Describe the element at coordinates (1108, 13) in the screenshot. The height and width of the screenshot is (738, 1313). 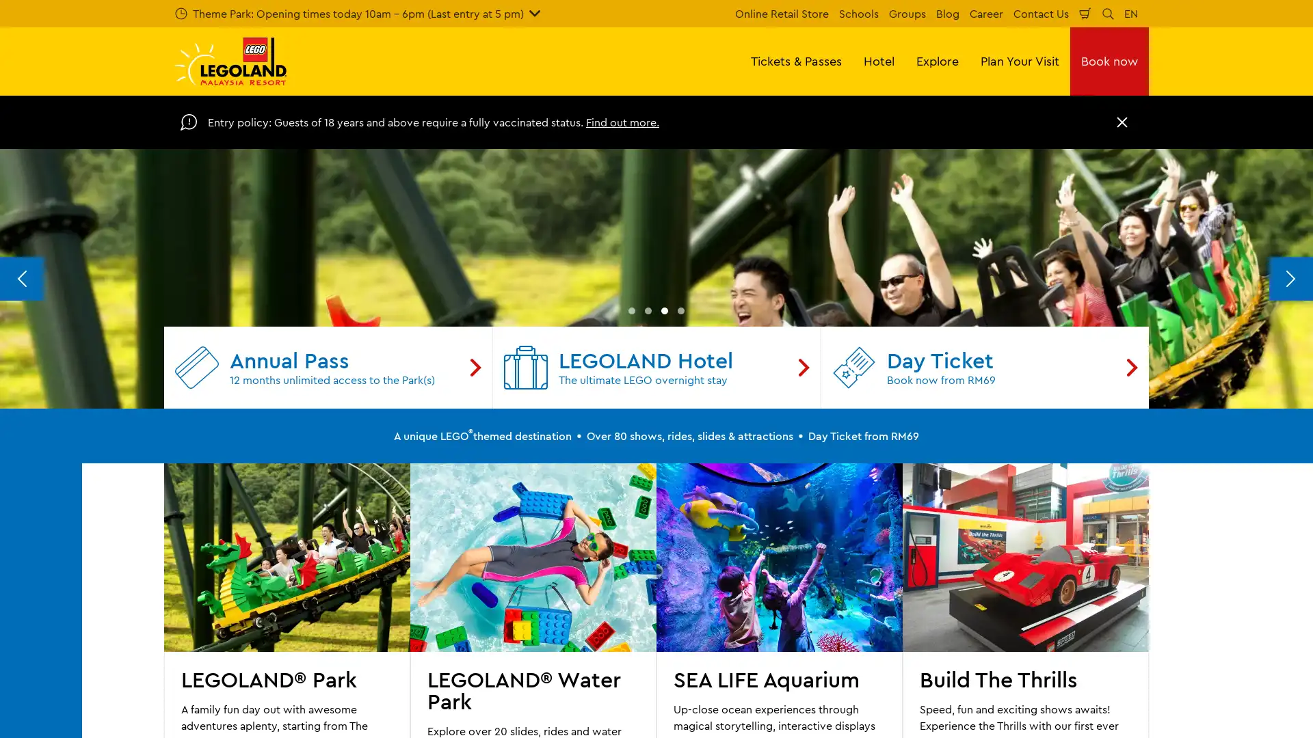
I see `Search` at that location.